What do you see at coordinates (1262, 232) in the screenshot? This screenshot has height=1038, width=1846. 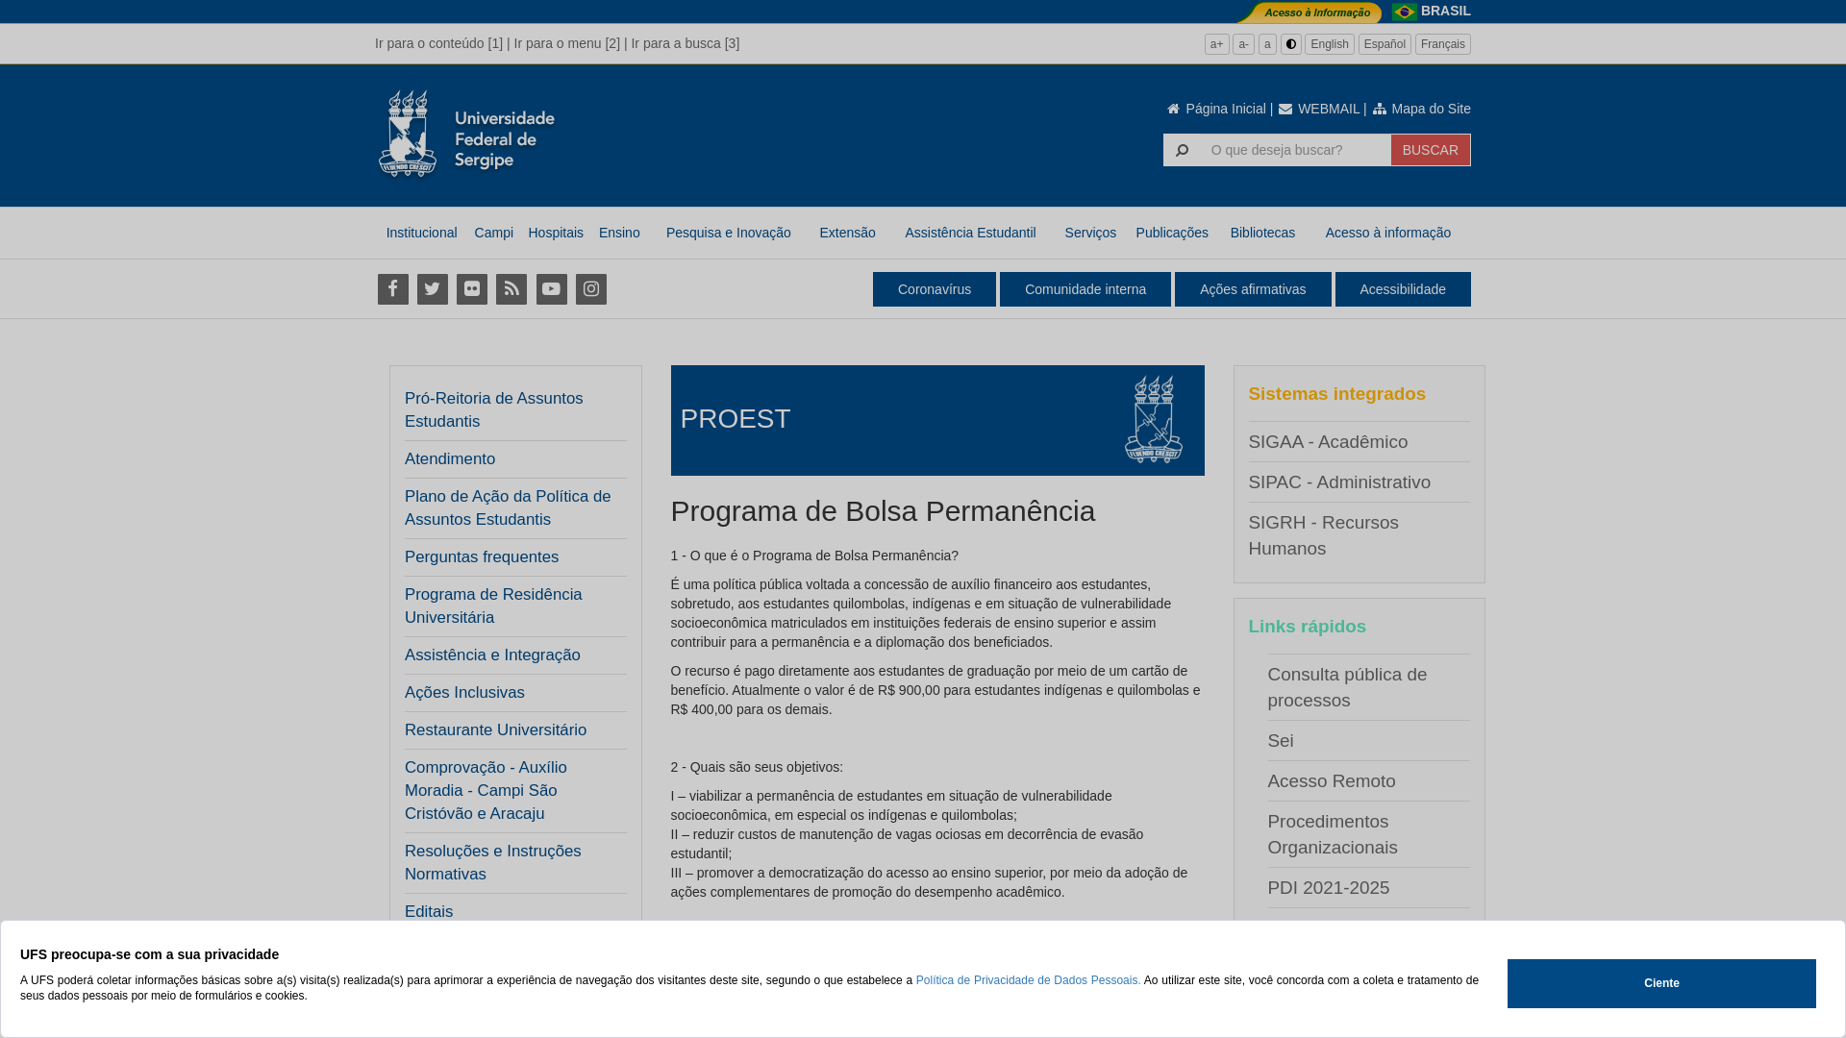 I see `'Bibliotecas'` at bounding box center [1262, 232].